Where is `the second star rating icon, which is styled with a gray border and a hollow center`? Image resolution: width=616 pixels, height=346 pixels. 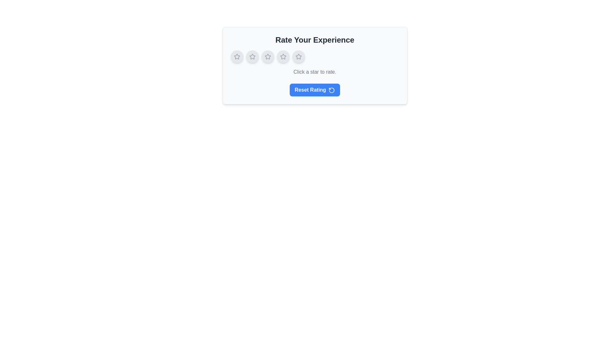 the second star rating icon, which is styled with a gray border and a hollow center is located at coordinates (268, 56).